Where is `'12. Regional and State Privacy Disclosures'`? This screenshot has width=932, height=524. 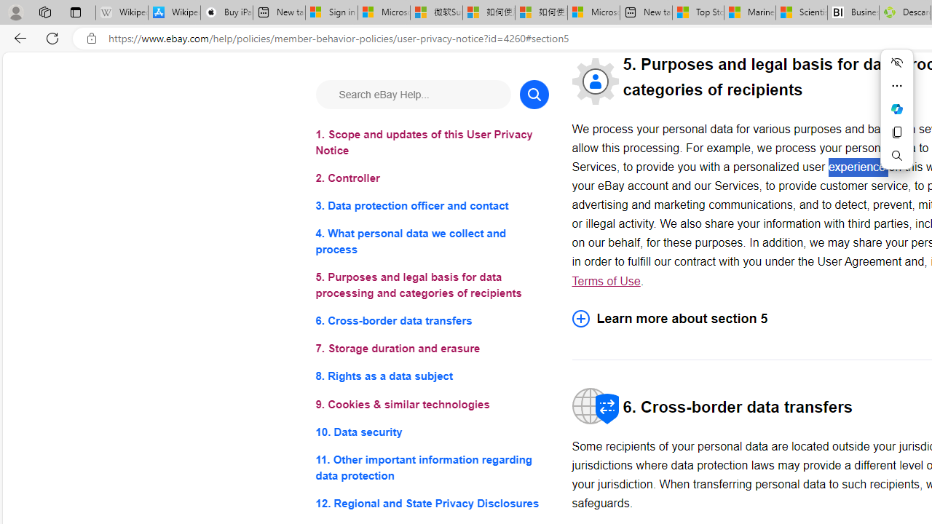
'12. Regional and State Privacy Disclosures' is located at coordinates (431, 502).